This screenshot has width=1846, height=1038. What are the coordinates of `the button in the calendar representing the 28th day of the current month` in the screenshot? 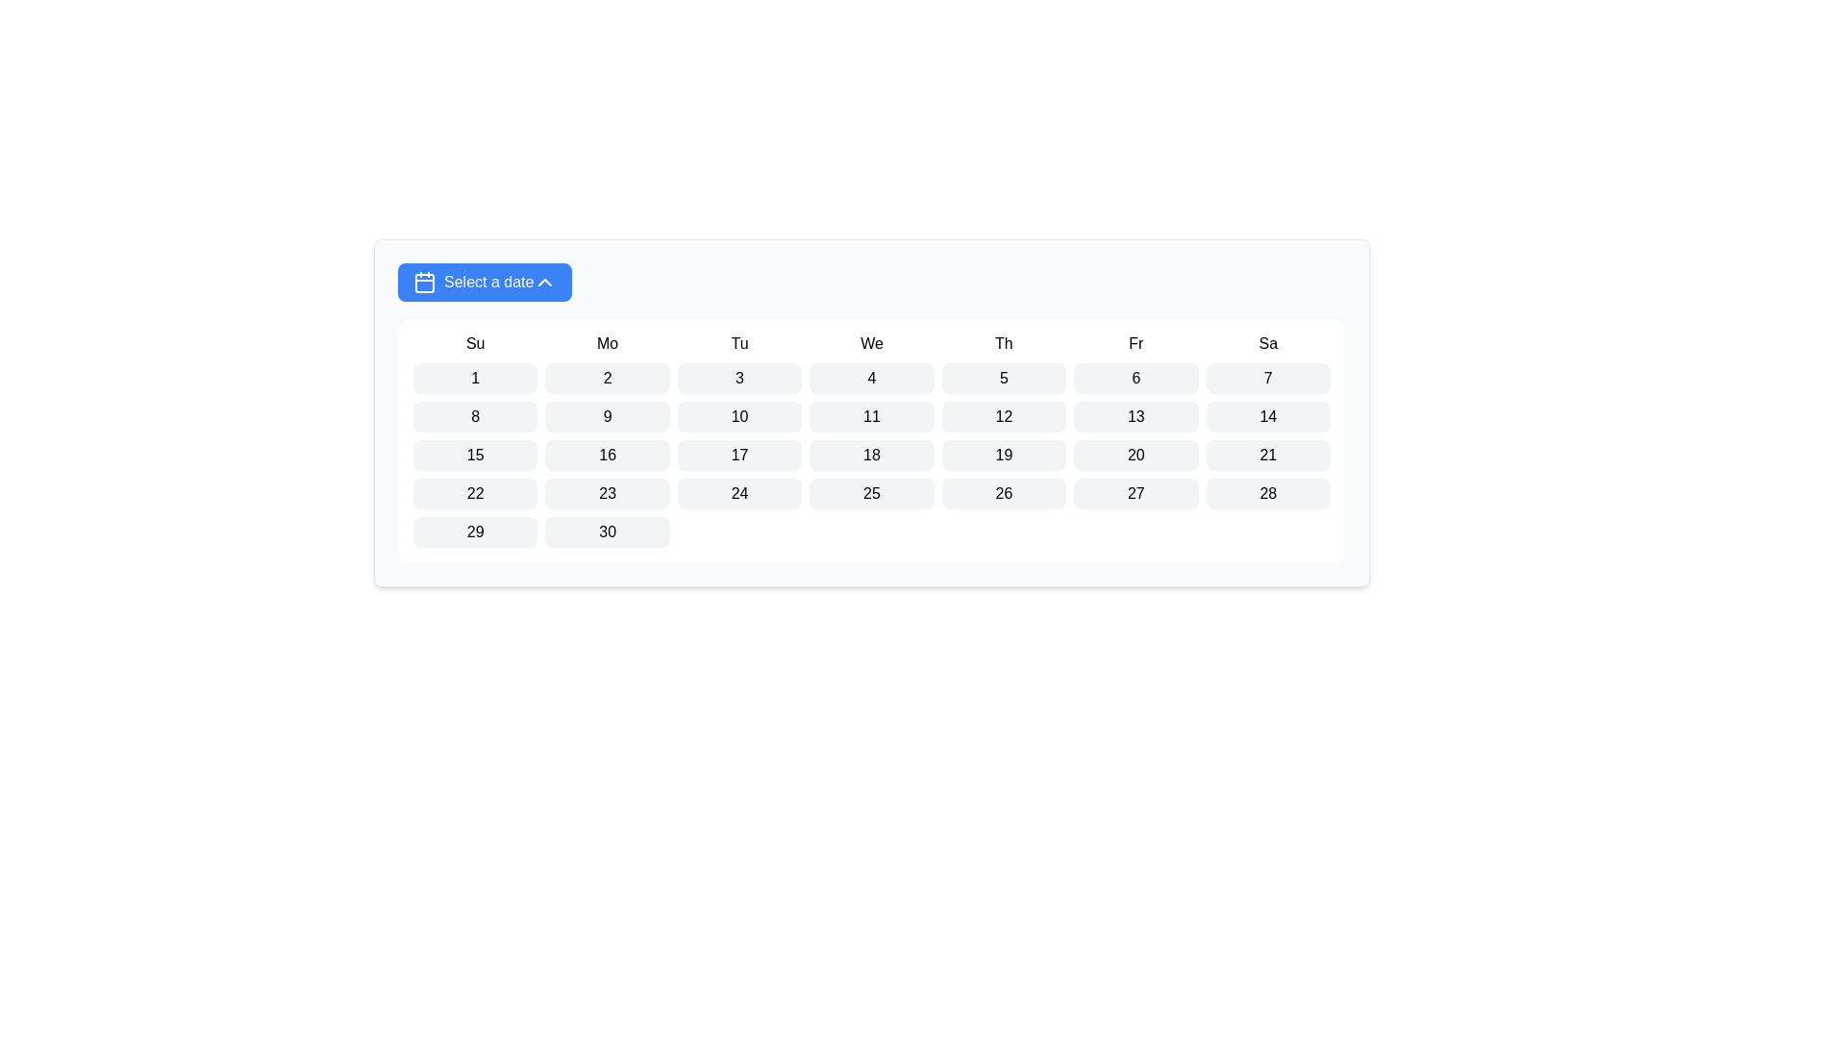 It's located at (1268, 492).